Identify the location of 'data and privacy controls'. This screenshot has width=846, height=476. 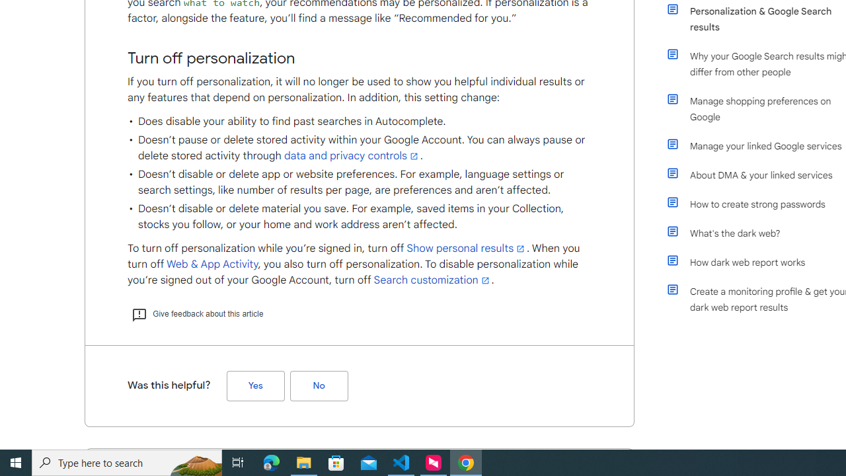
(352, 155).